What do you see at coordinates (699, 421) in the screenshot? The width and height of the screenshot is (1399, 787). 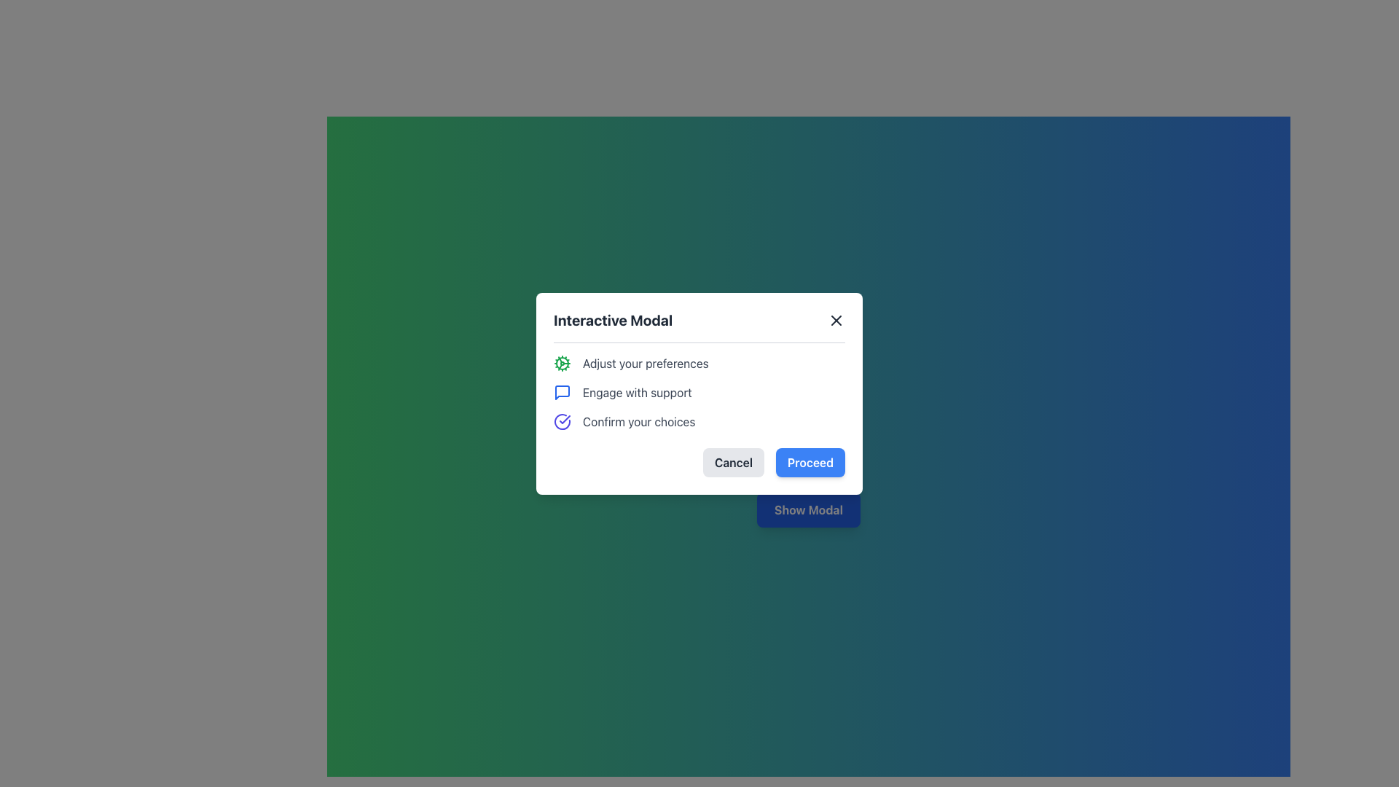 I see `the list item labeled 'Confirm your choices', which is the third entry in a vertical list within a modal window, positioned between 'Engage with support' and the action buttons 'Cancel' and 'Proceed'` at bounding box center [699, 421].